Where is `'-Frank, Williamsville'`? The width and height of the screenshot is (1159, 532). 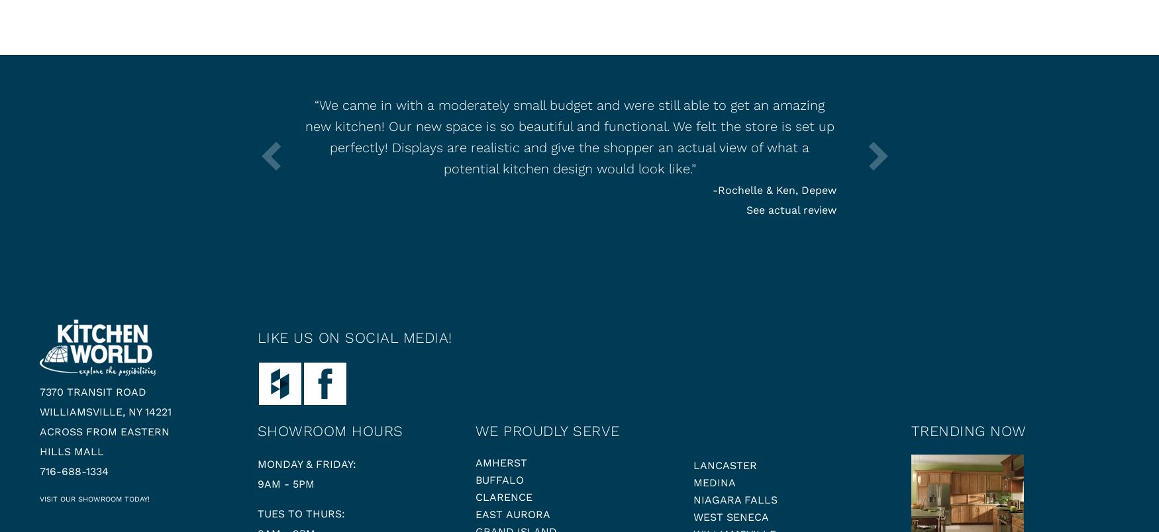 '-Frank, Williamsville' is located at coordinates (150, 189).